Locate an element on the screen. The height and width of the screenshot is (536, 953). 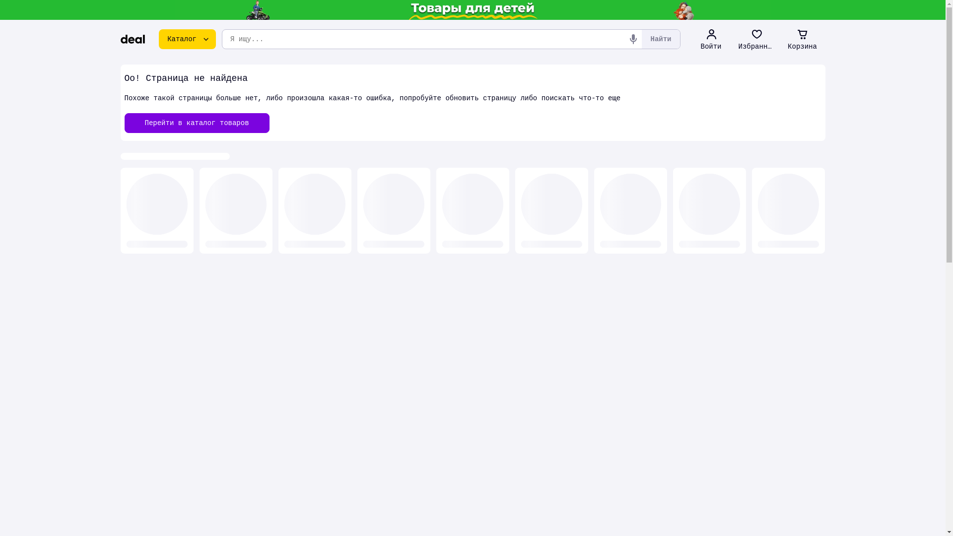
'deal.by' is located at coordinates (132, 38).